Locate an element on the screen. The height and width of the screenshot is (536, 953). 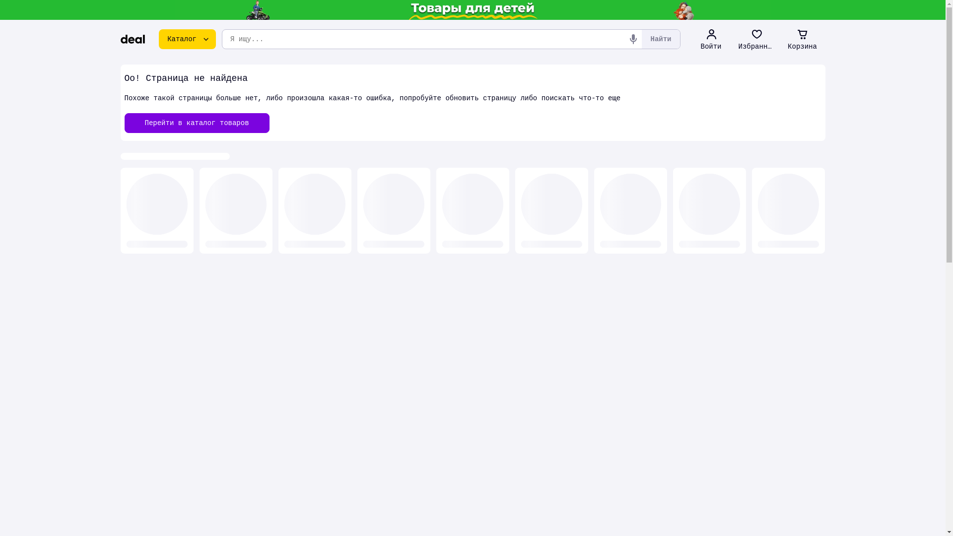
'deal.by' is located at coordinates (132, 38).